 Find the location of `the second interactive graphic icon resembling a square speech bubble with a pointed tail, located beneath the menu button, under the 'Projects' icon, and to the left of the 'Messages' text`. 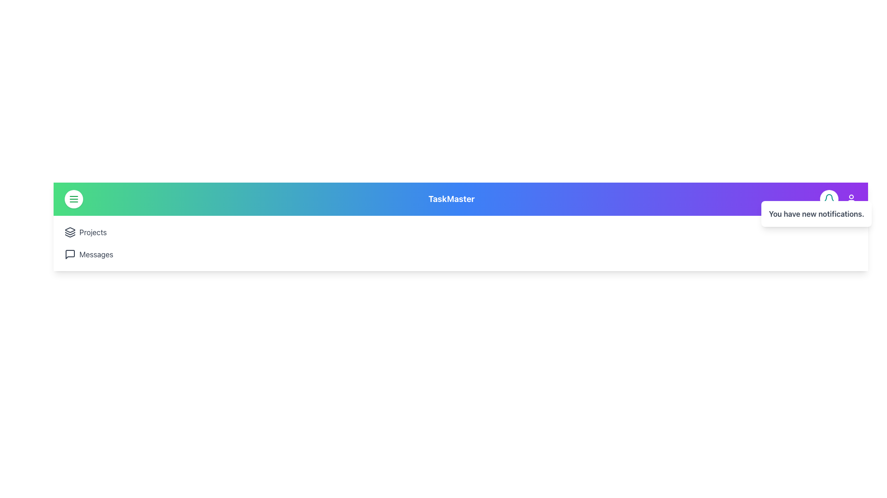

the second interactive graphic icon resembling a square speech bubble with a pointed tail, located beneath the menu button, under the 'Projects' icon, and to the left of the 'Messages' text is located at coordinates (70, 254).